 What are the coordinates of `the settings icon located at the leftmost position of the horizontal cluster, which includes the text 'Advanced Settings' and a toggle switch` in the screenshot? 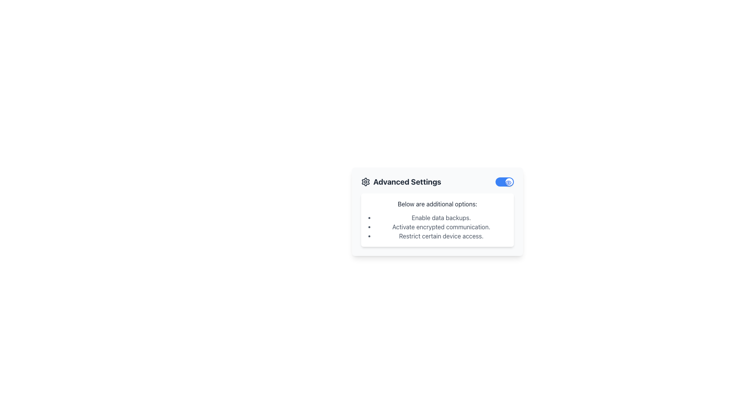 It's located at (365, 182).